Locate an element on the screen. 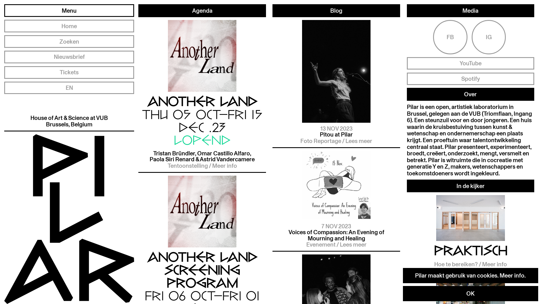  'Nieuwsbrief' is located at coordinates (69, 57).